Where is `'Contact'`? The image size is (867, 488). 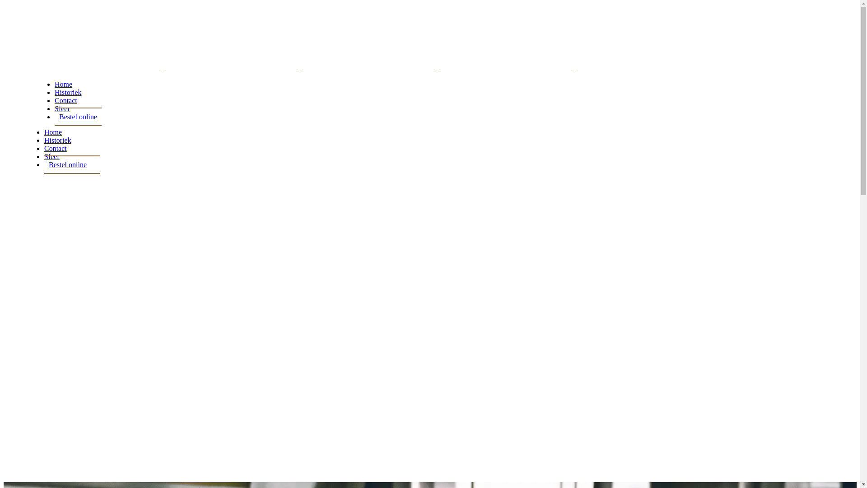 'Contact' is located at coordinates (55, 148).